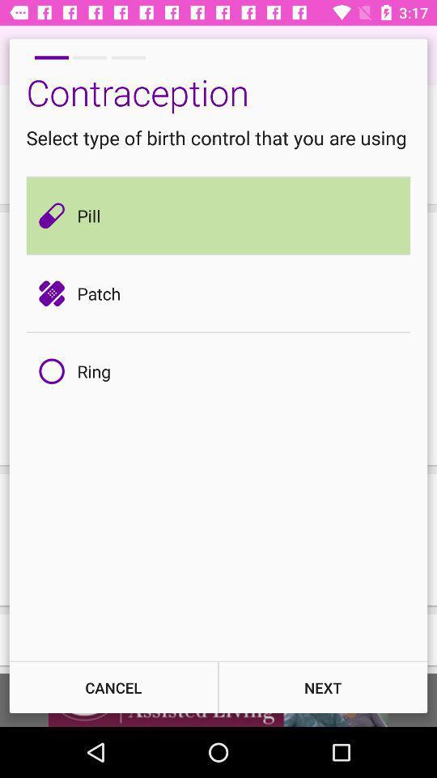  What do you see at coordinates (55, 371) in the screenshot?
I see `the circle image option before ring` at bounding box center [55, 371].